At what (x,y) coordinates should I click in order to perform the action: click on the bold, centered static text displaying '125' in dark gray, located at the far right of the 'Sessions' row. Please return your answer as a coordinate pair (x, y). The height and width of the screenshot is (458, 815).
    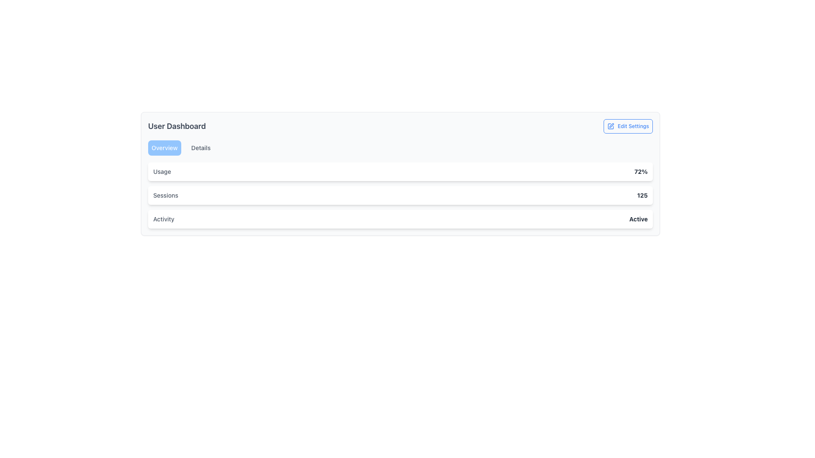
    Looking at the image, I should click on (642, 195).